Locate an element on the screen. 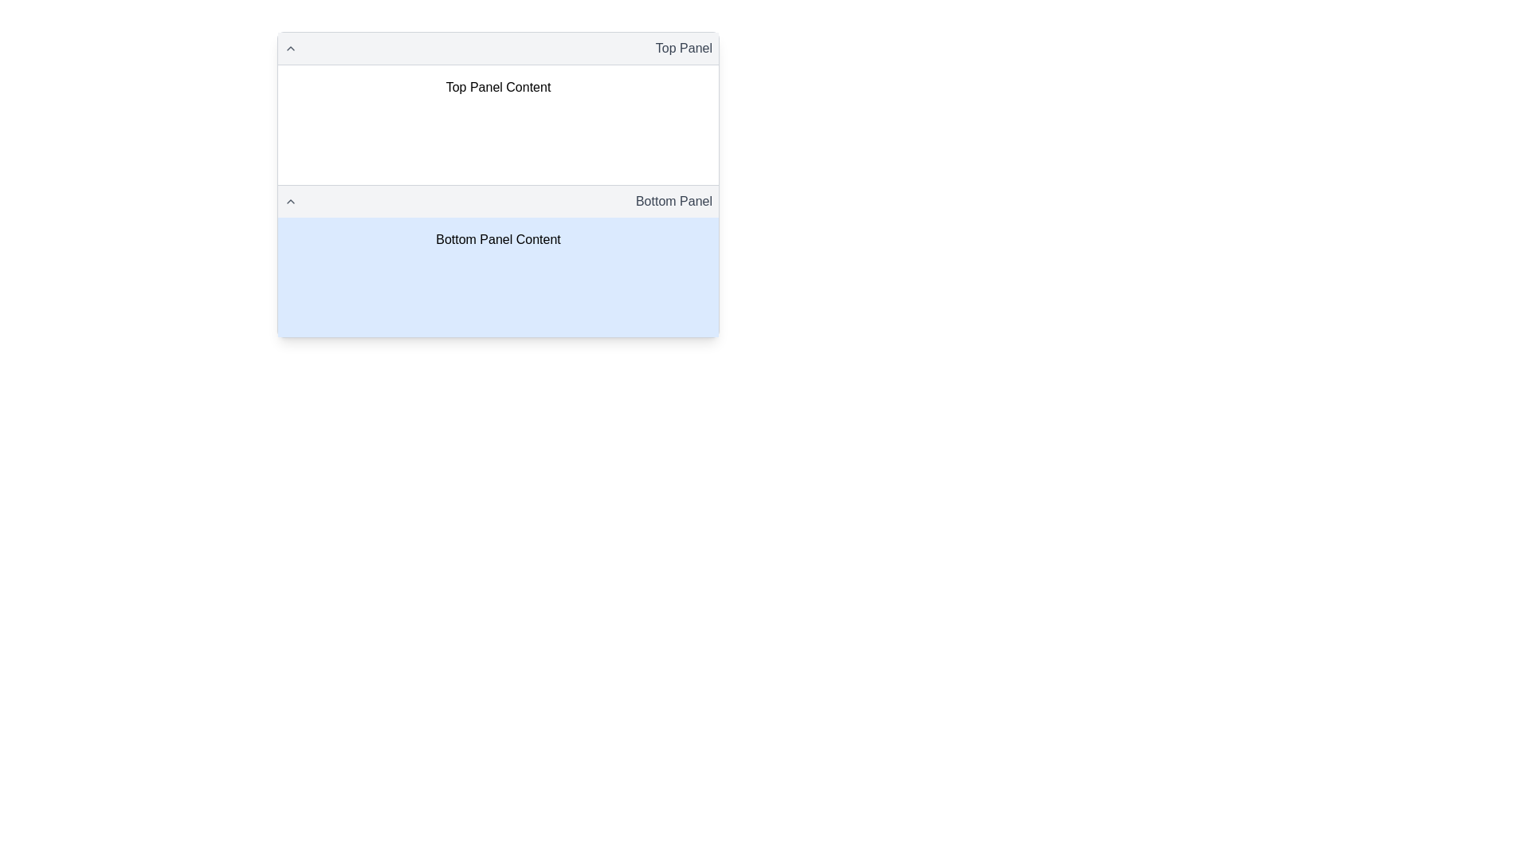 The height and width of the screenshot is (861, 1530). the Header bar located at the top of the layout is located at coordinates (497, 48).